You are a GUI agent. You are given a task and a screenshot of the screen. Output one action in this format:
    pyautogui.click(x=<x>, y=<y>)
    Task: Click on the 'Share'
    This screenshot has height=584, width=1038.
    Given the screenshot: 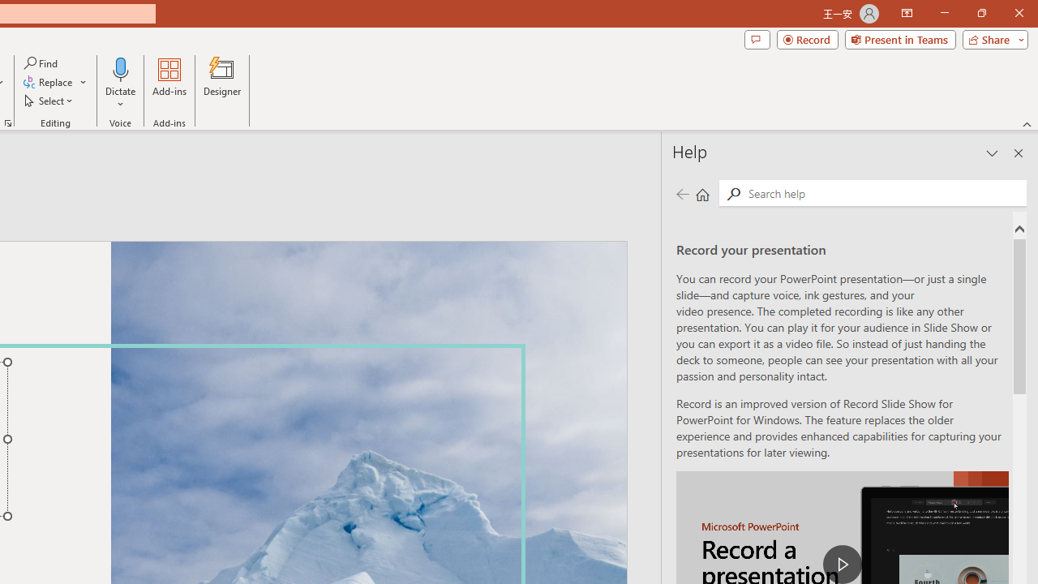 What is the action you would take?
    pyautogui.click(x=991, y=38)
    